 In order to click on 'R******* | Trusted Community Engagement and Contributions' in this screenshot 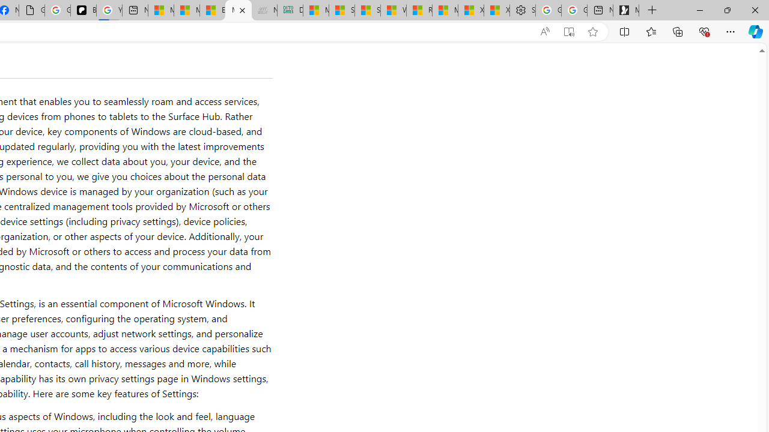, I will do `click(419, 10)`.